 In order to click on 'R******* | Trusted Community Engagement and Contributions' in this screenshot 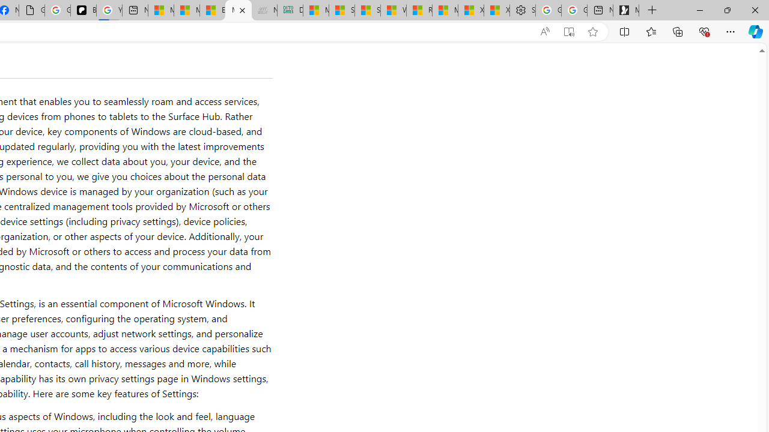, I will do `click(419, 10)`.